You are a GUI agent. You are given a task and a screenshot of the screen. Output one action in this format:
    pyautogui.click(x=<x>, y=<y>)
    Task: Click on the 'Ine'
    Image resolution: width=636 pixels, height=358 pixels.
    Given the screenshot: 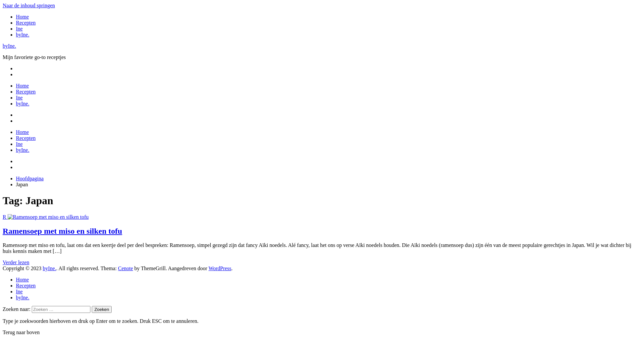 What is the action you would take?
    pyautogui.click(x=19, y=97)
    